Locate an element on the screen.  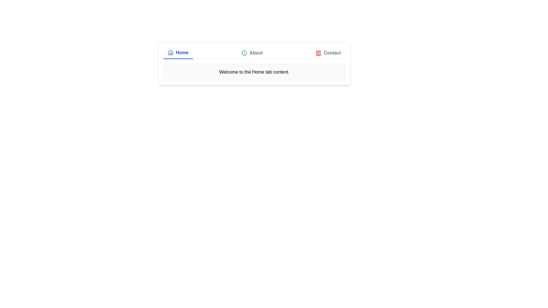
text content displayed within the gray box with rounded corners that contains the message 'Welcome to the Home tab content.' is located at coordinates (254, 72).